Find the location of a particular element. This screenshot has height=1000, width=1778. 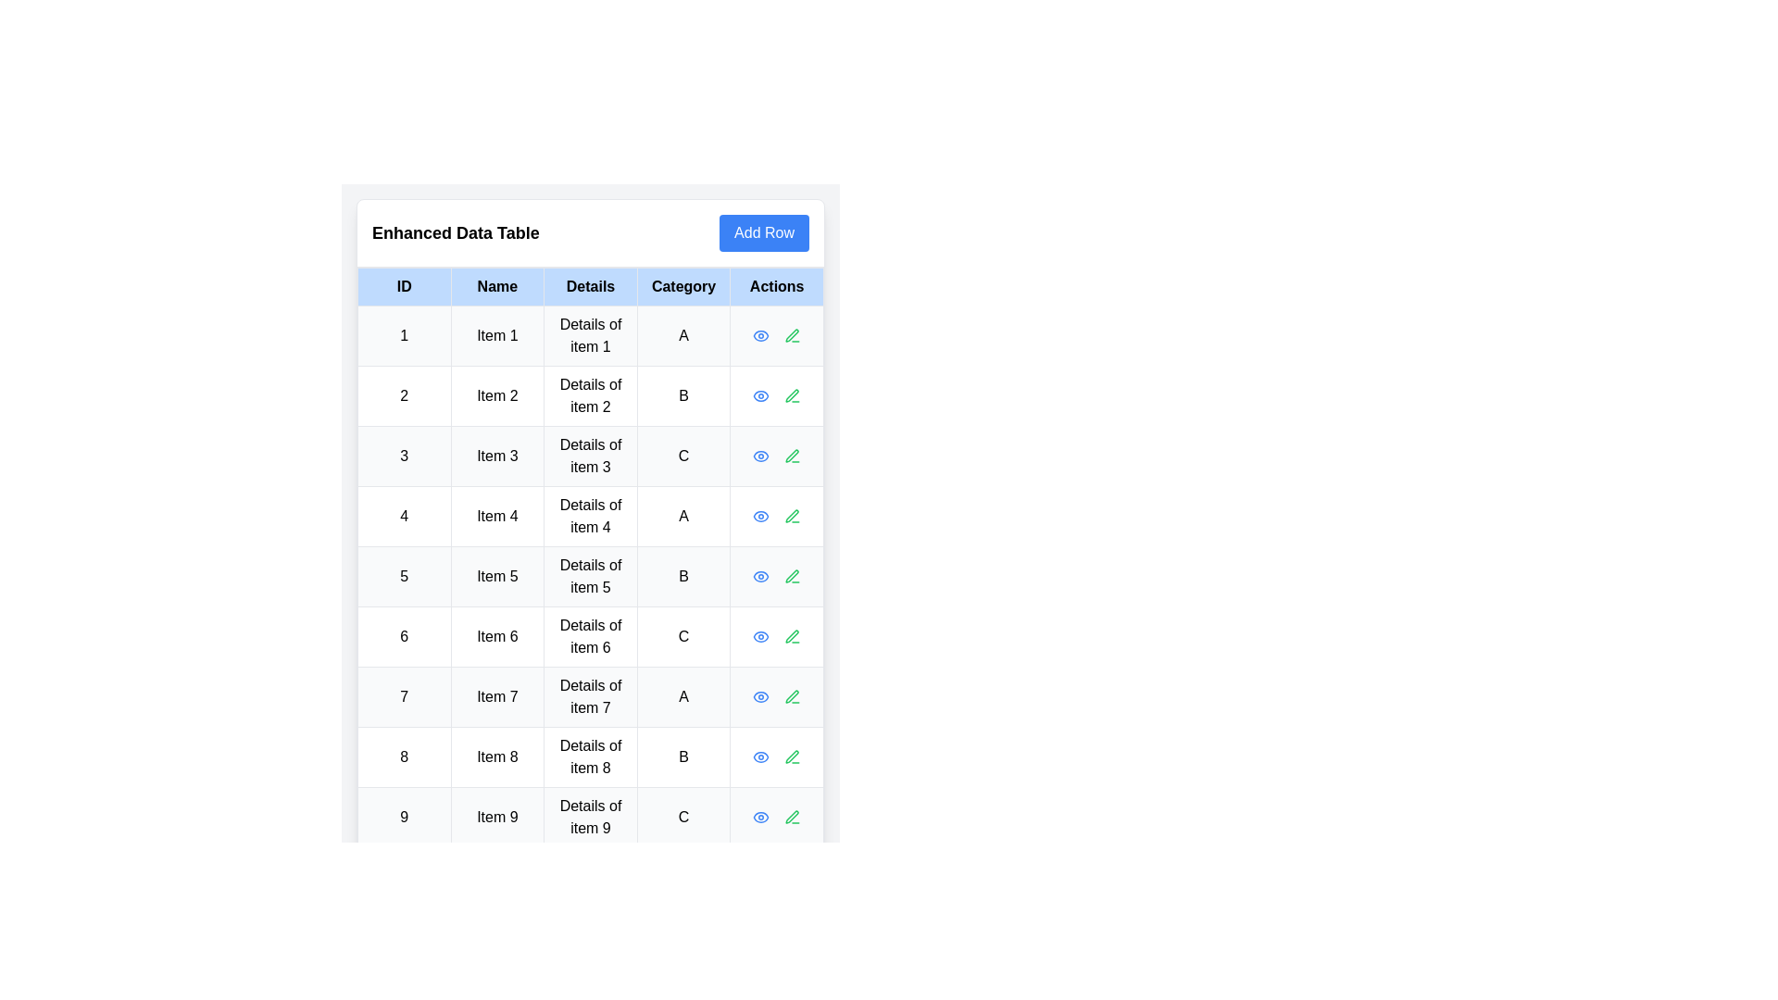

the Numerical display cell located in the first column of the fifth row of the table, which displays the identifier or index number is located at coordinates (403, 576).